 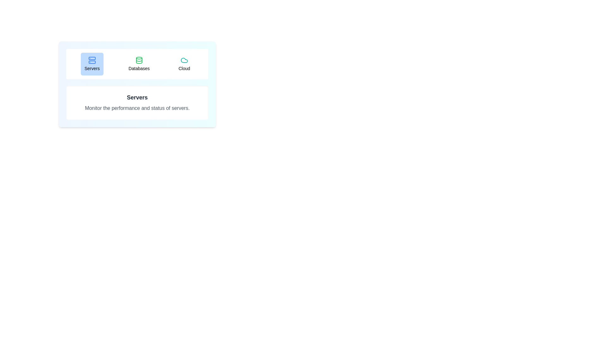 What do you see at coordinates (184, 64) in the screenshot?
I see `the tab button labeled Cloud to see its hover effect` at bounding box center [184, 64].